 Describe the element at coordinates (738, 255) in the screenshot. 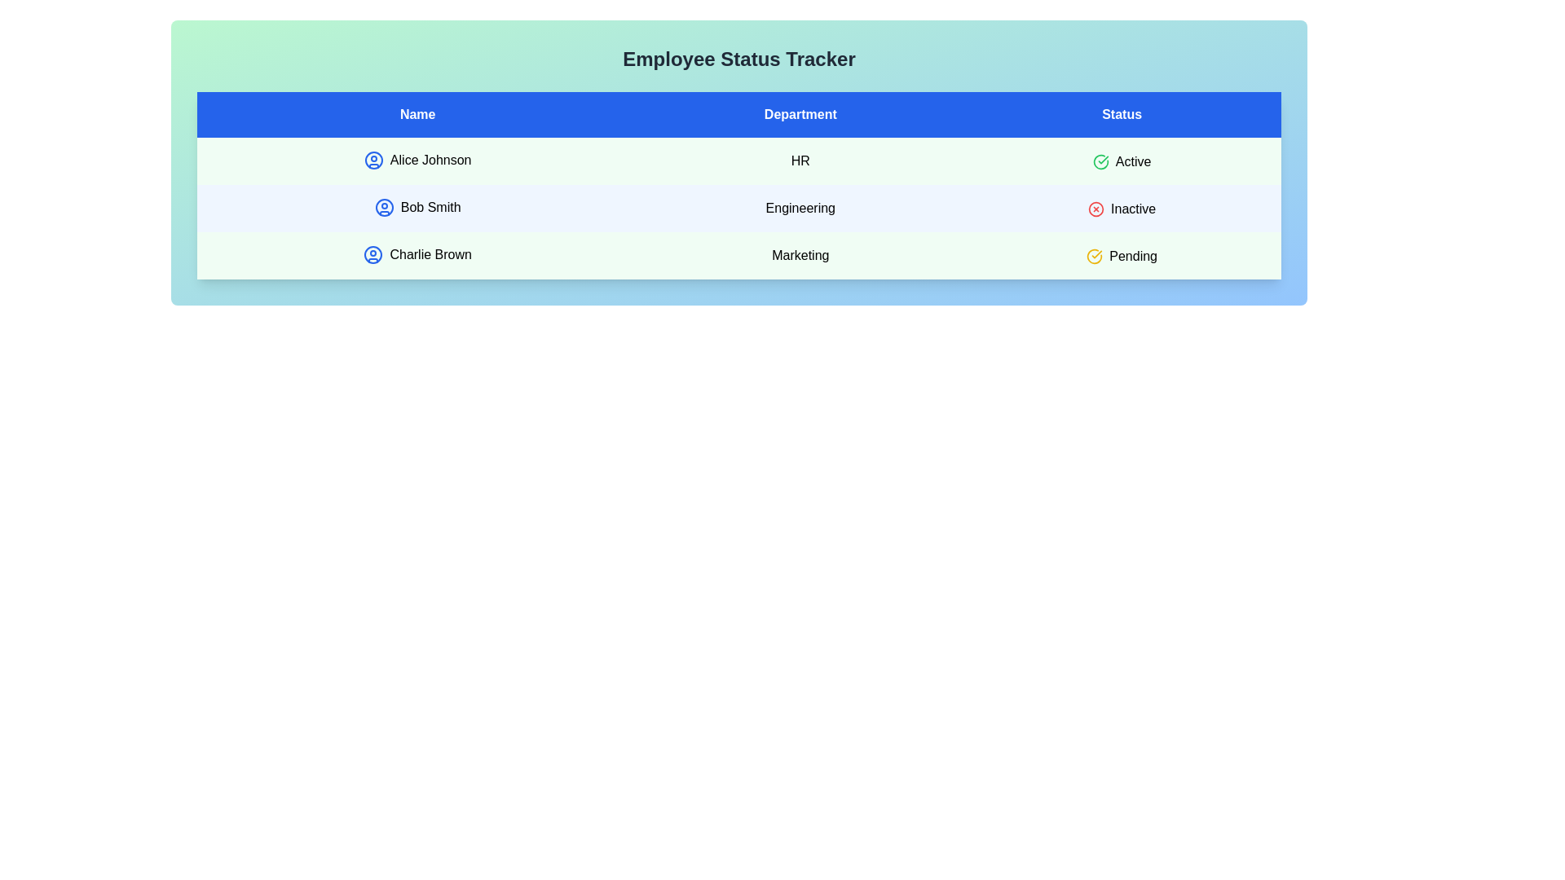

I see `the row corresponding to Charlie Brown` at that location.